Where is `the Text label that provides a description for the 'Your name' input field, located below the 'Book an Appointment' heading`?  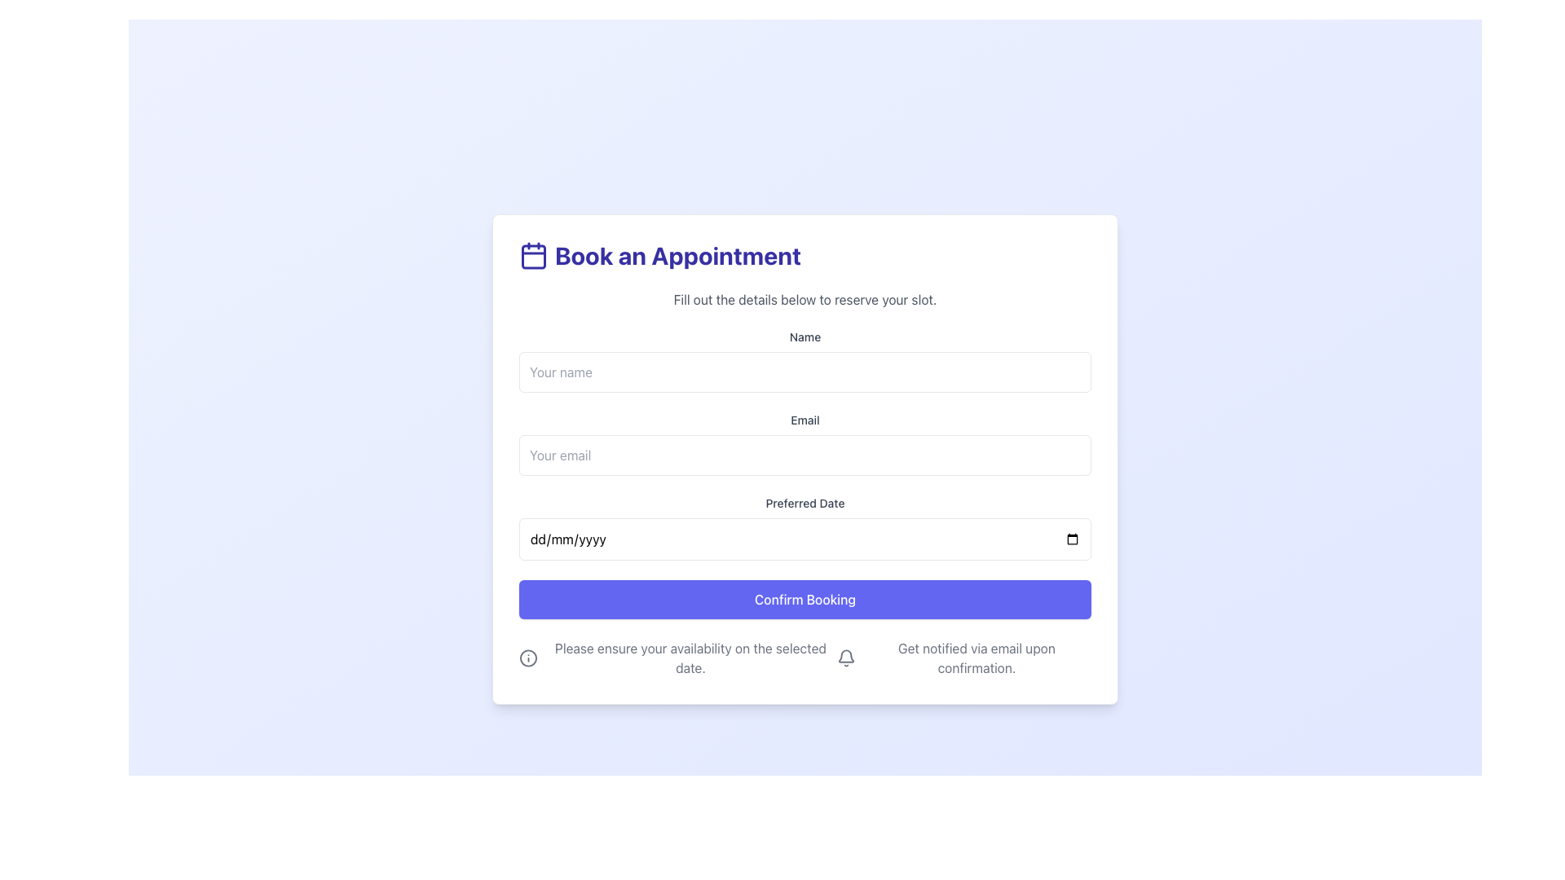
the Text label that provides a description for the 'Your name' input field, located below the 'Book an Appointment' heading is located at coordinates (805, 336).